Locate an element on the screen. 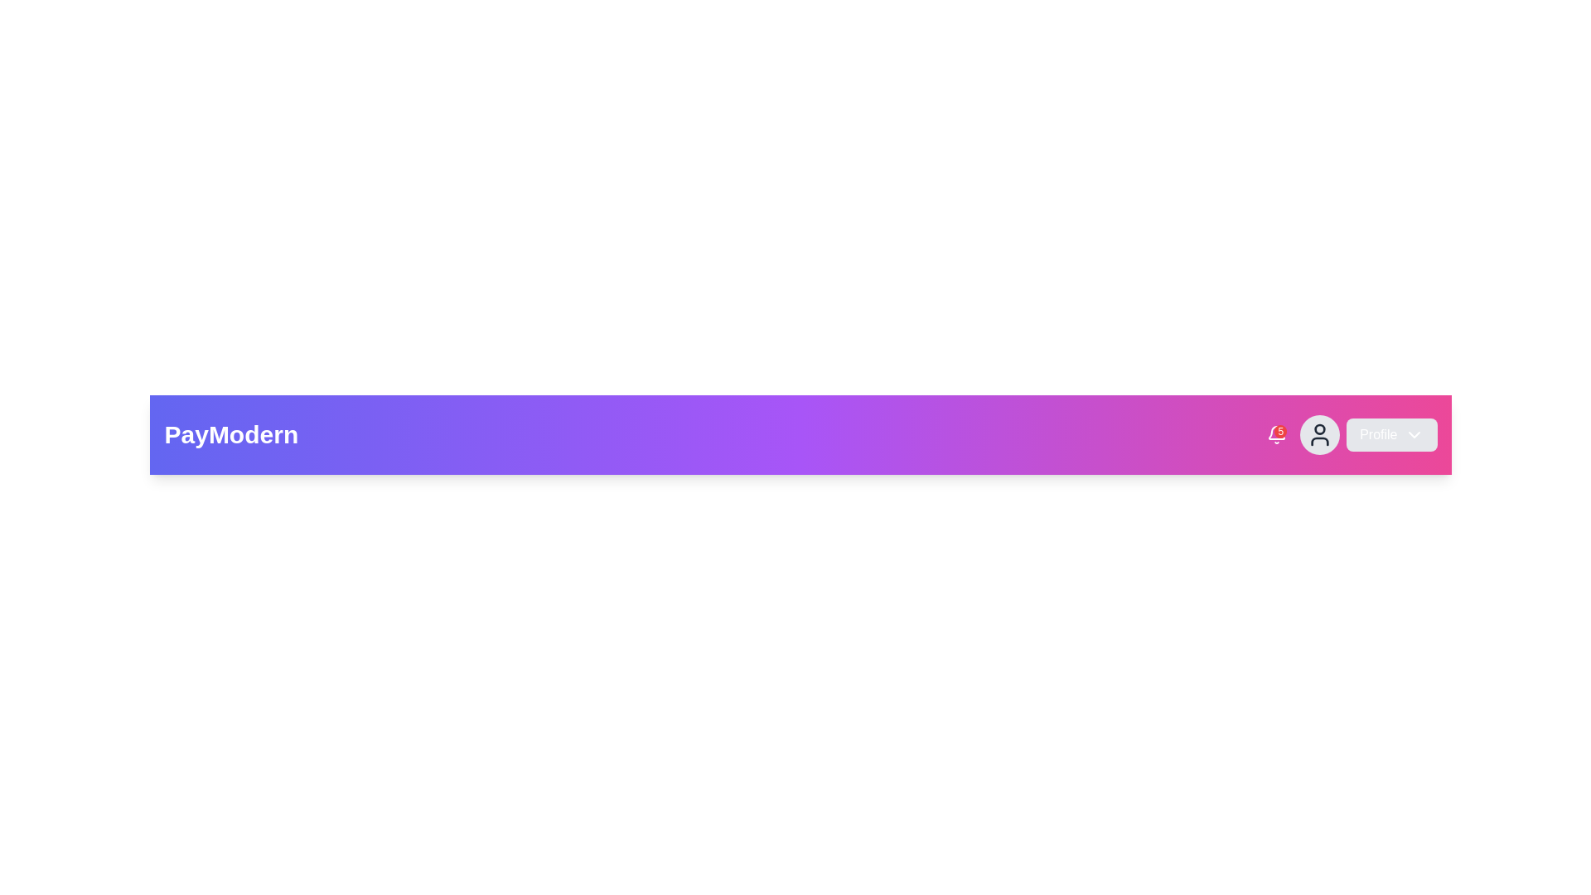 The image size is (1591, 895). the user profile icon located to the left of the 'Profile' button in the top right navigation bar is located at coordinates (1319, 433).